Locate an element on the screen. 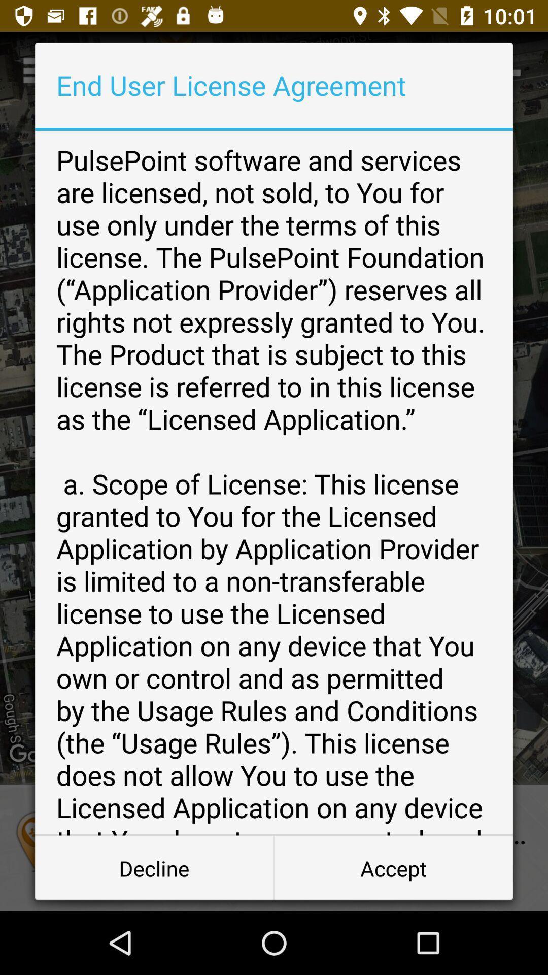  the decline icon is located at coordinates (154, 867).